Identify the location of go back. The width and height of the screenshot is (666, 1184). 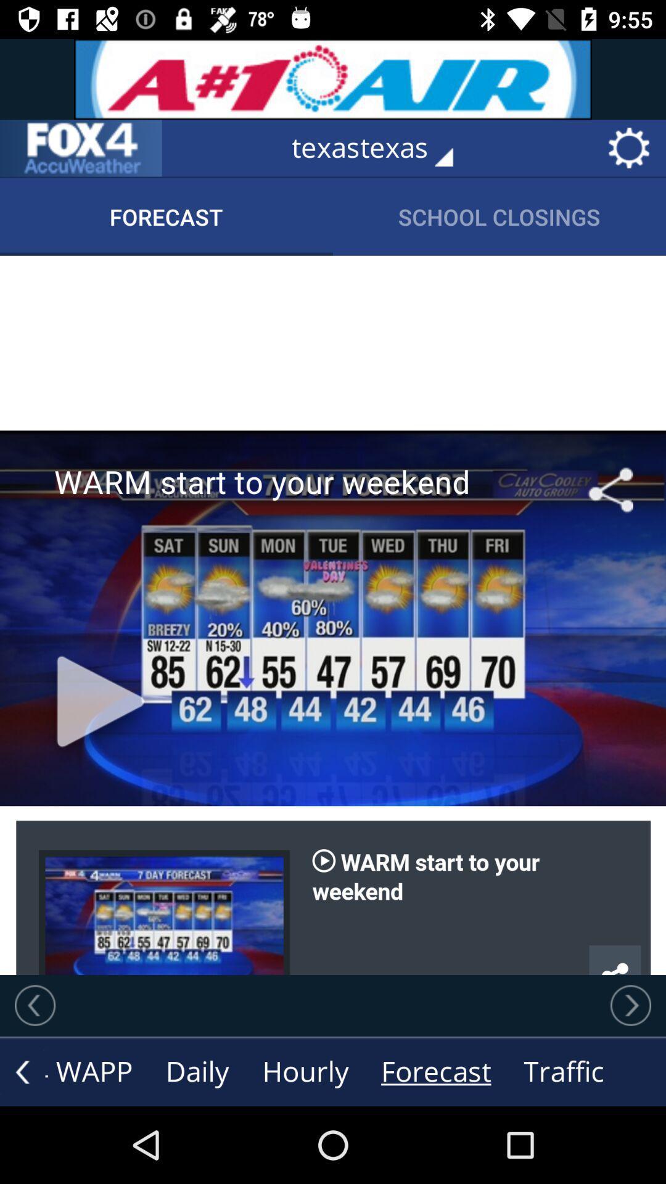
(35, 1005).